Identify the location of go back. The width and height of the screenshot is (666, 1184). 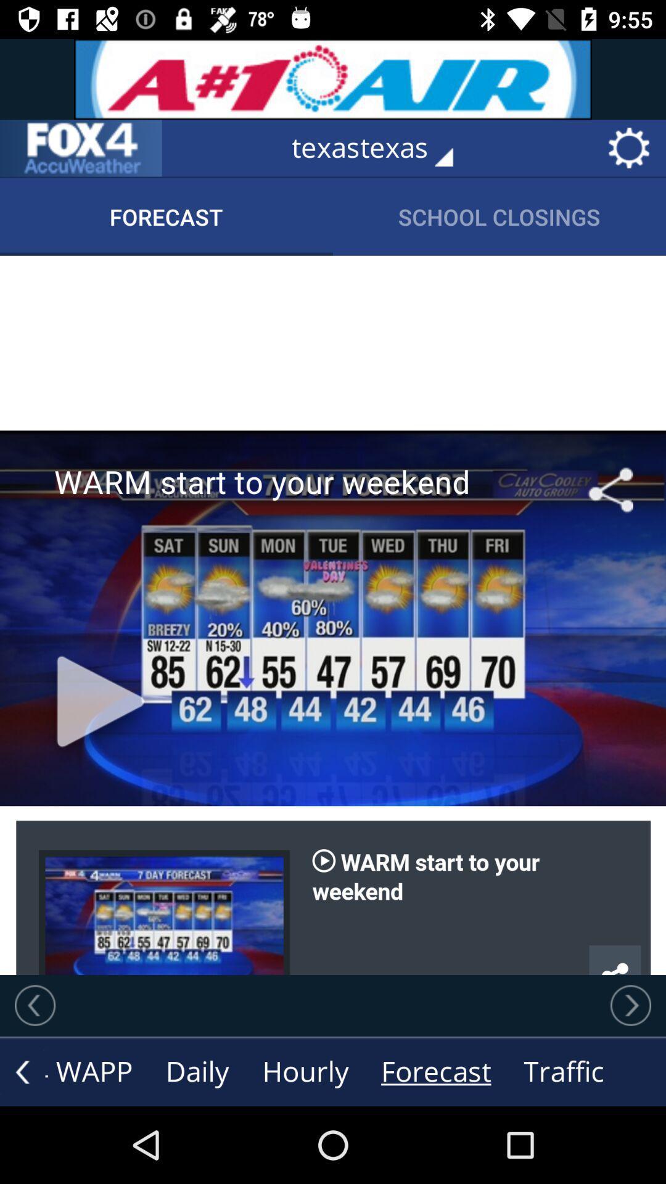
(35, 1005).